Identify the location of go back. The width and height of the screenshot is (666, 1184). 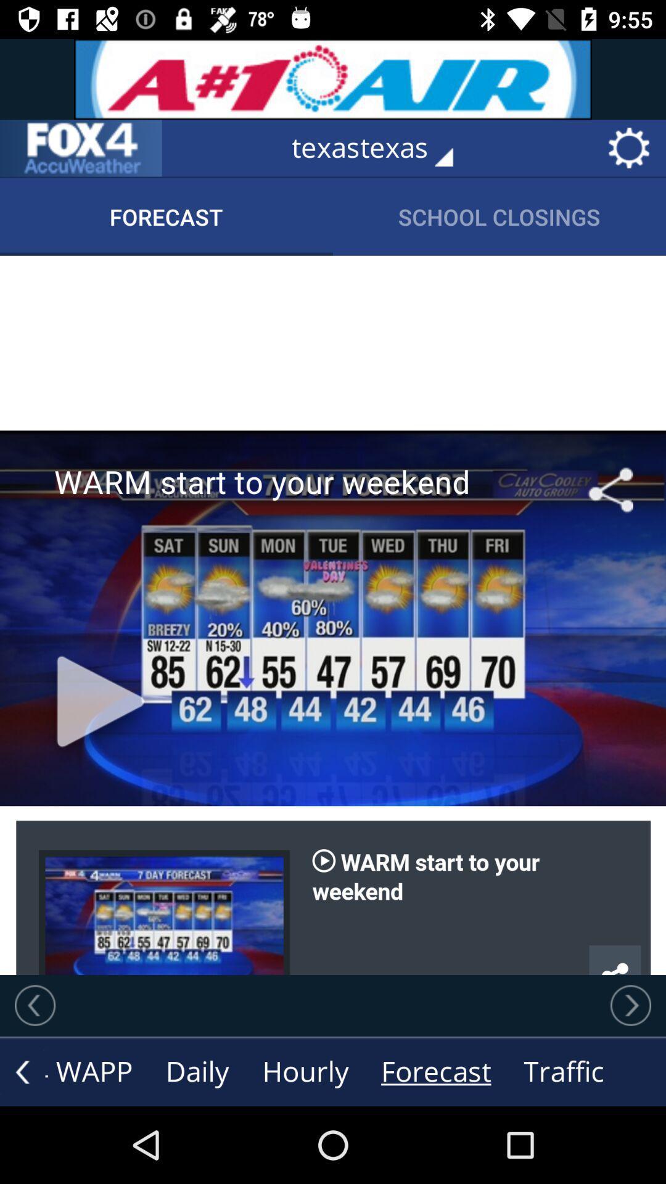
(35, 1005).